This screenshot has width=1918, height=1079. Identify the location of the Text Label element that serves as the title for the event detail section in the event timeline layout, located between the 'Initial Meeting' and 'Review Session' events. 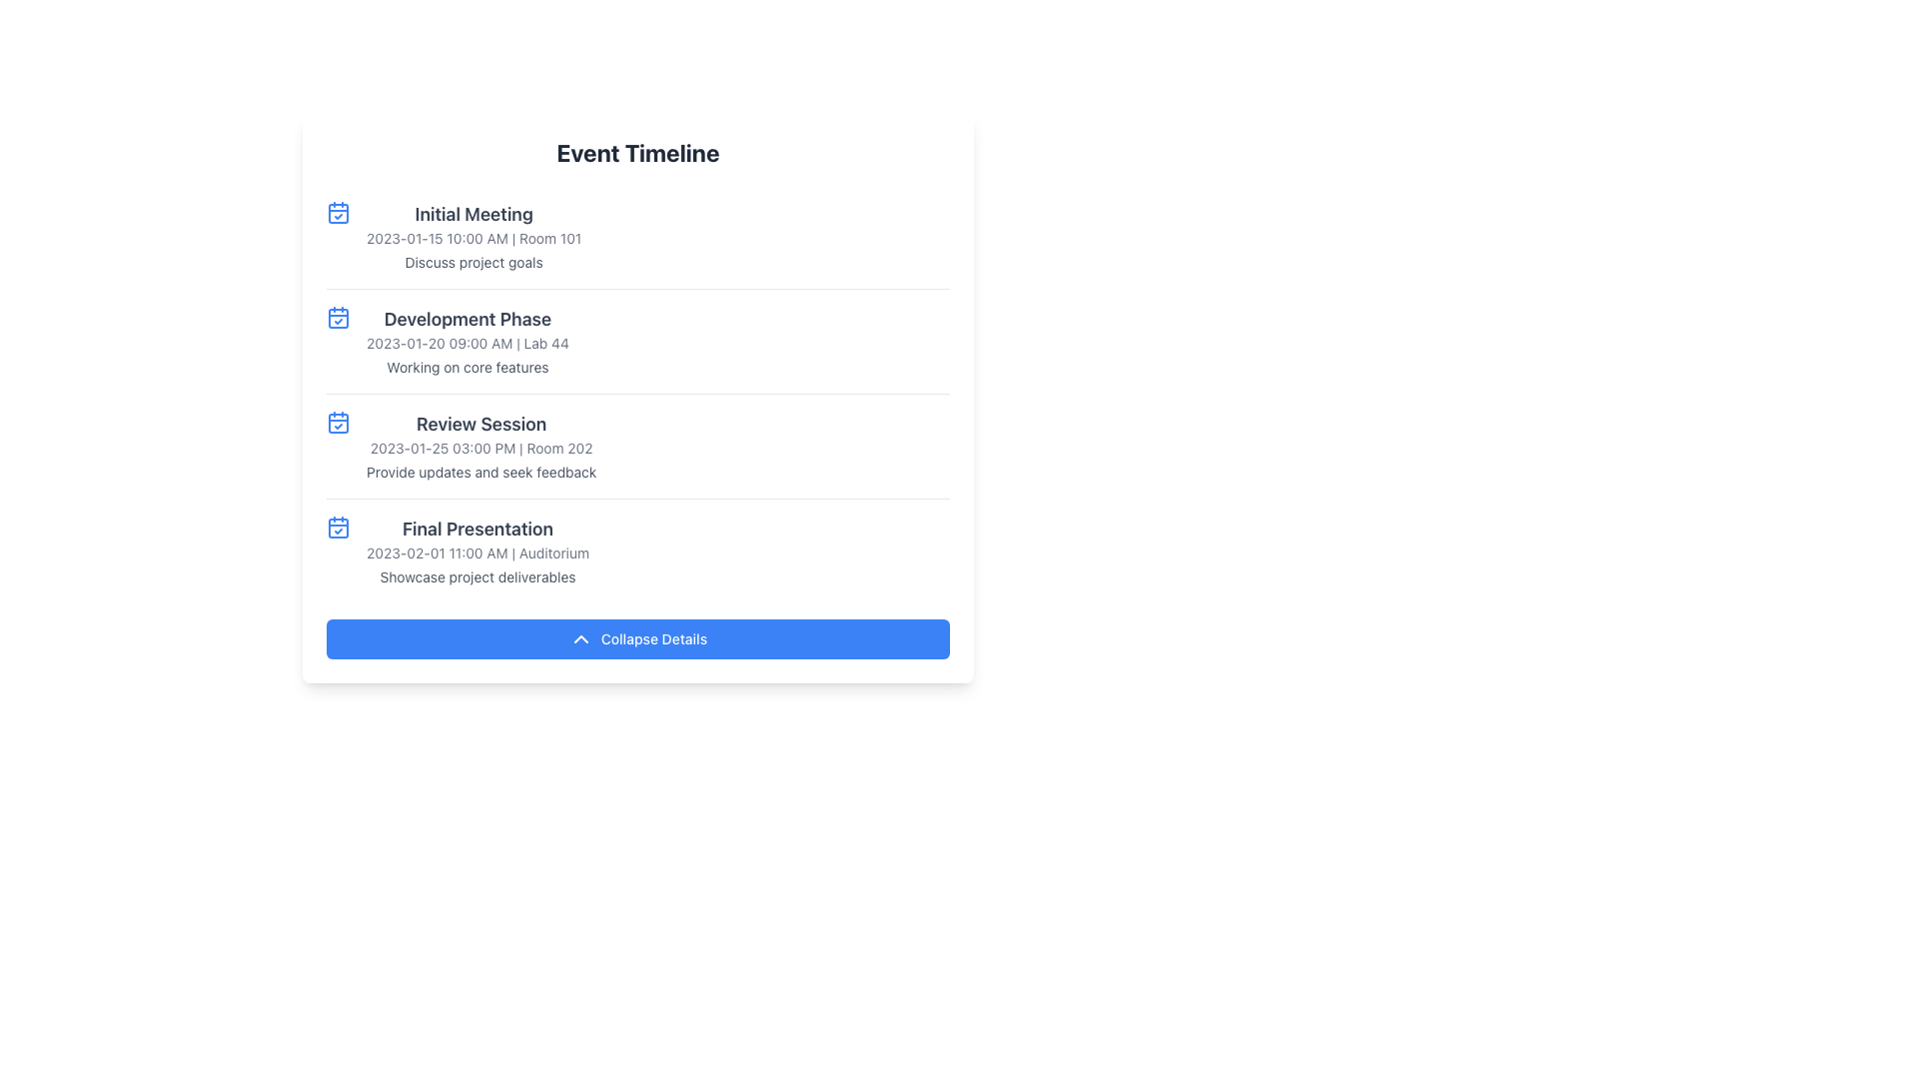
(467, 319).